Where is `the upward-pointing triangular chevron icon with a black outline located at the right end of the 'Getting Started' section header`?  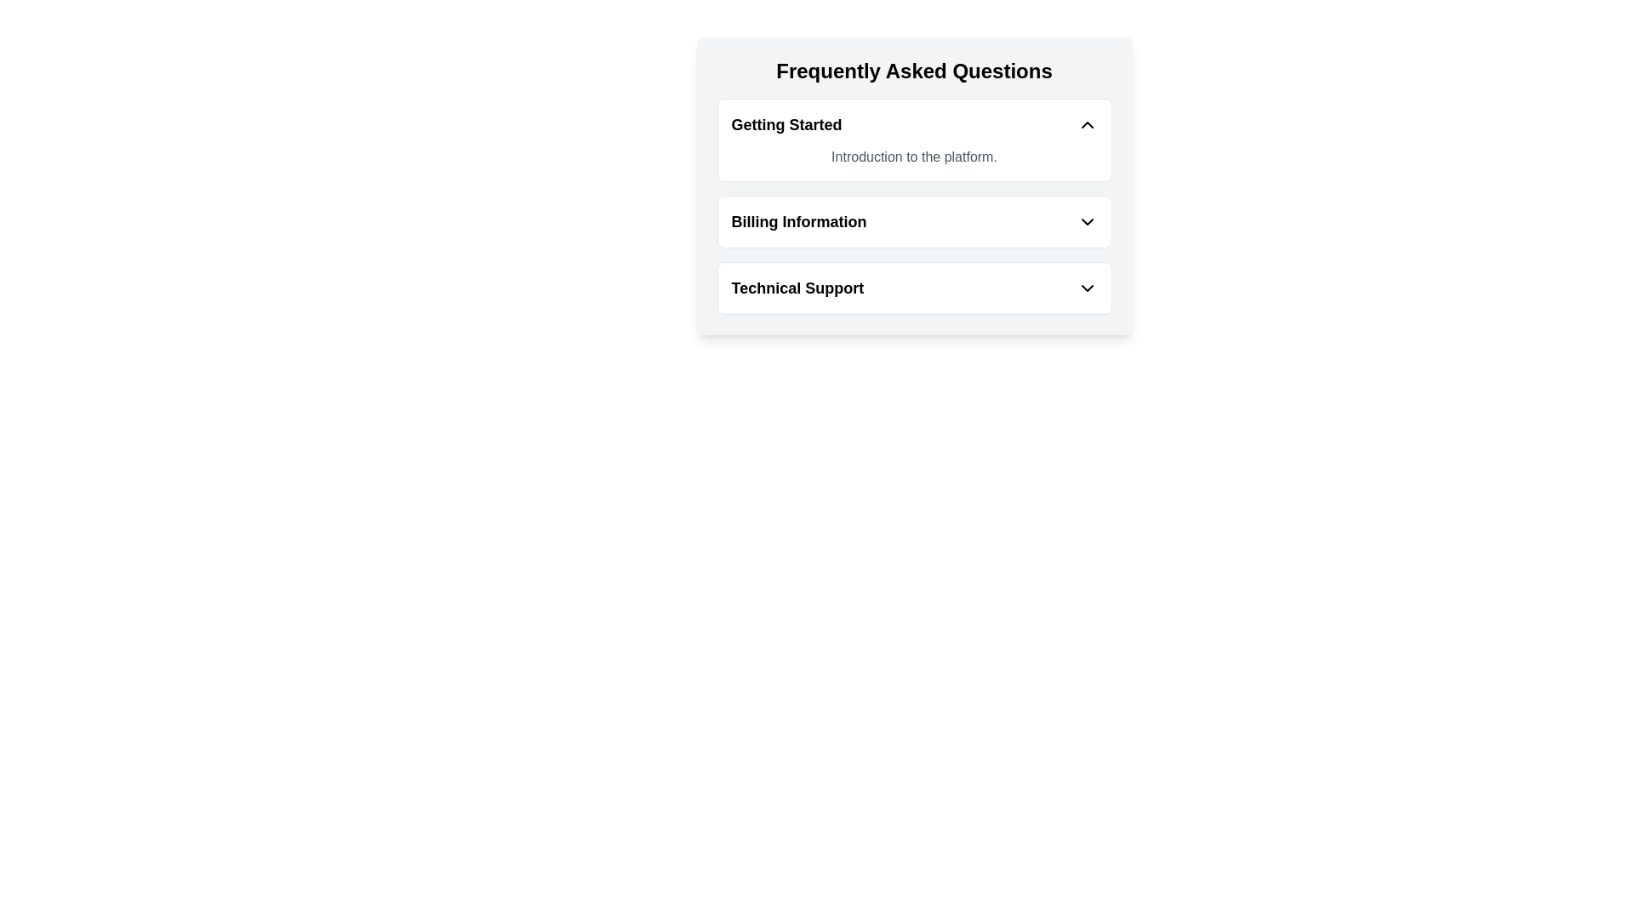 the upward-pointing triangular chevron icon with a black outline located at the right end of the 'Getting Started' section header is located at coordinates (1086, 123).